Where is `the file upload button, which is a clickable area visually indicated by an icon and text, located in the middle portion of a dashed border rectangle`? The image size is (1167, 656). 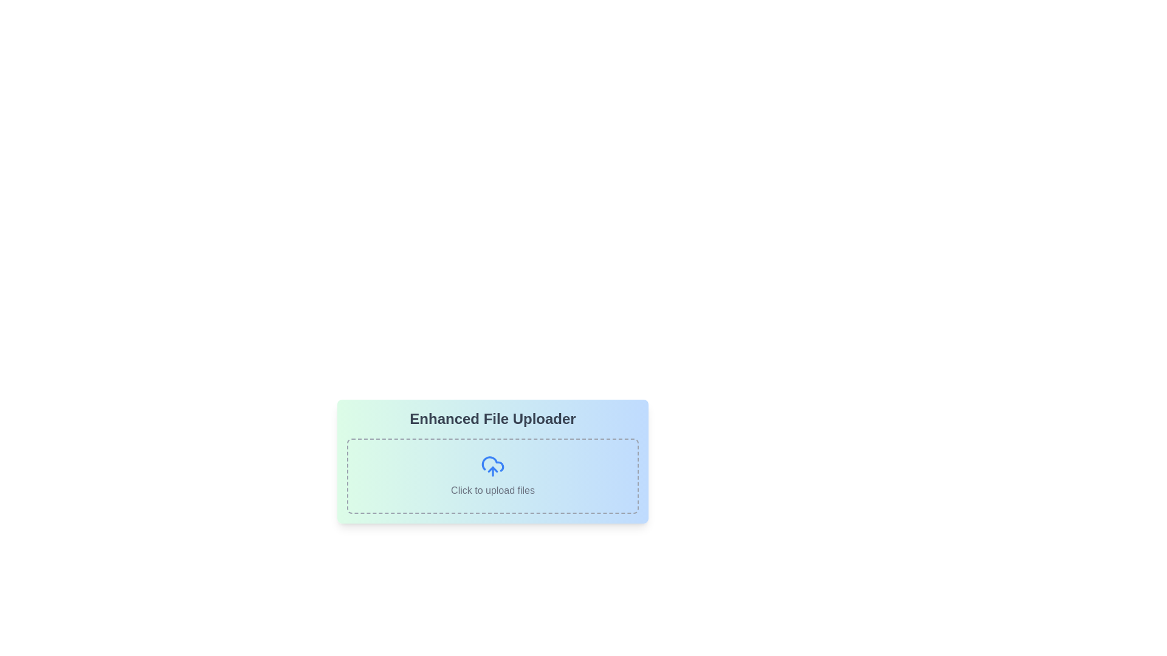
the file upload button, which is a clickable area visually indicated by an icon and text, located in the middle portion of a dashed border rectangle is located at coordinates (493, 474).